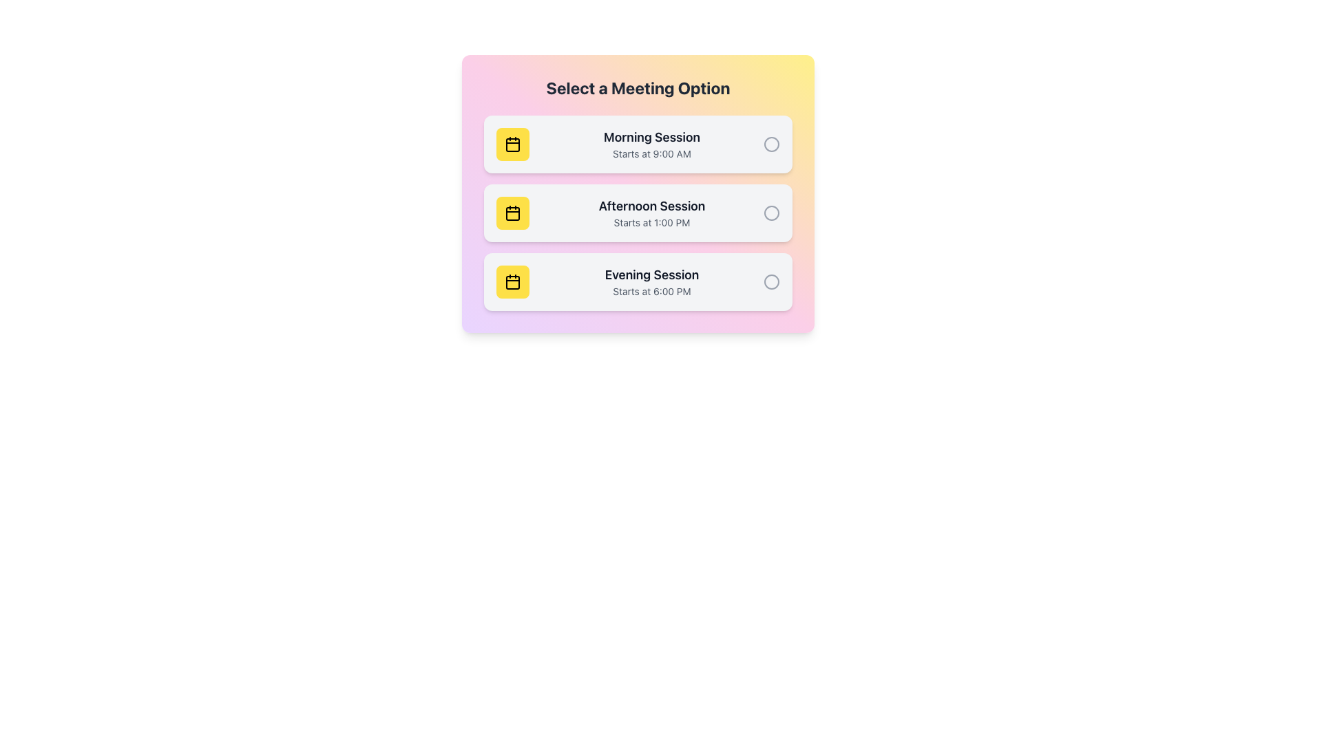  What do you see at coordinates (637, 144) in the screenshot?
I see `the 'Morning Session' interactive selection card` at bounding box center [637, 144].